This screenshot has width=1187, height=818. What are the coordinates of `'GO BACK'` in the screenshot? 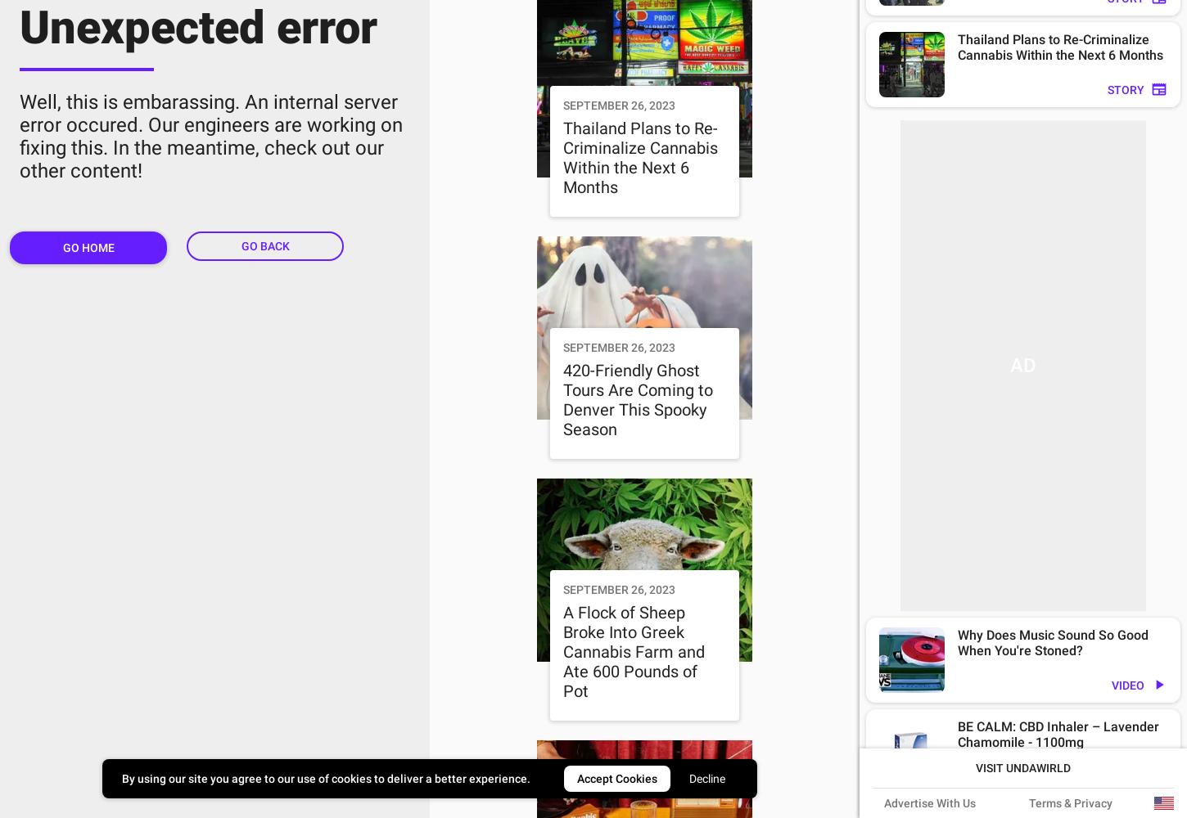 It's located at (264, 245).